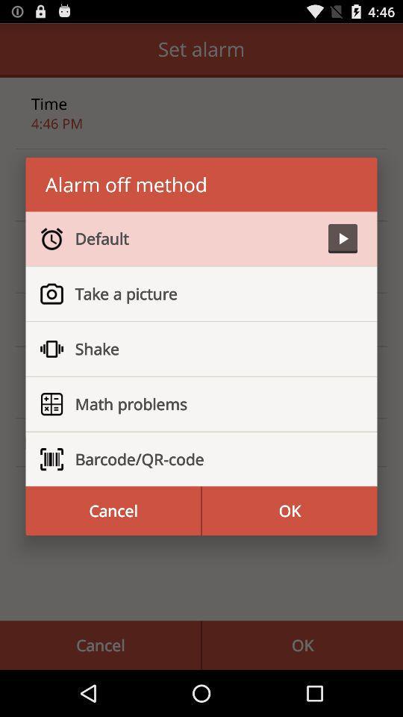 The image size is (403, 717). I want to click on alarm sound, so click(343, 238).